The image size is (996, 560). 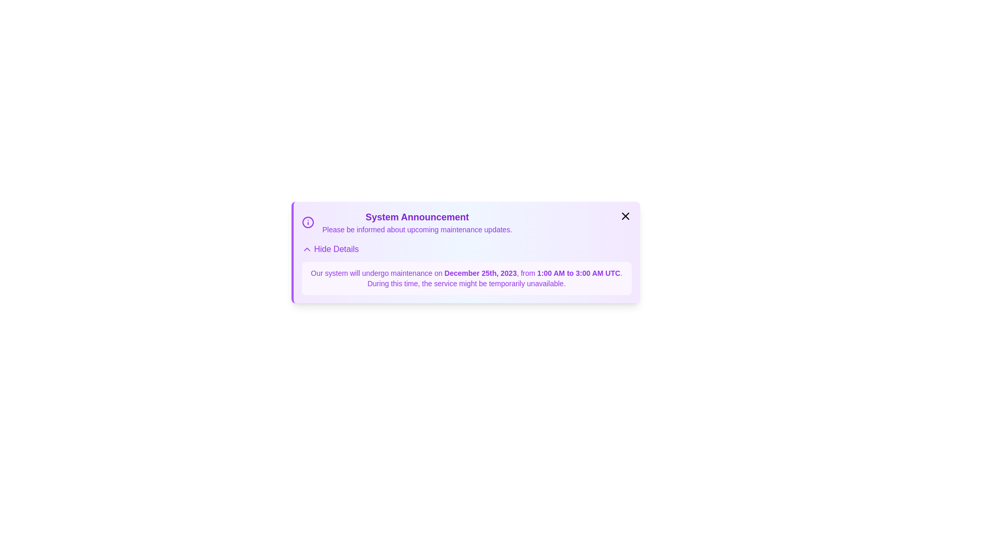 What do you see at coordinates (466, 269) in the screenshot?
I see `information displayed in the text of the notification box with a light purple background, located under the 'Hide Details' text in the 'System Announcement' card` at bounding box center [466, 269].